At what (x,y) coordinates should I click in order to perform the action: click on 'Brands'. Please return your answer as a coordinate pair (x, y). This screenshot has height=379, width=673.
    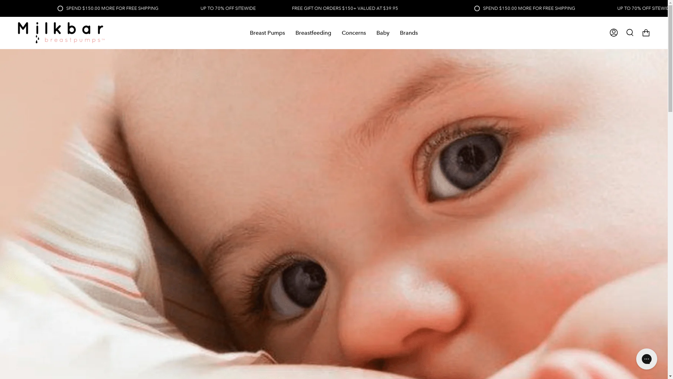
    Looking at the image, I should click on (409, 33).